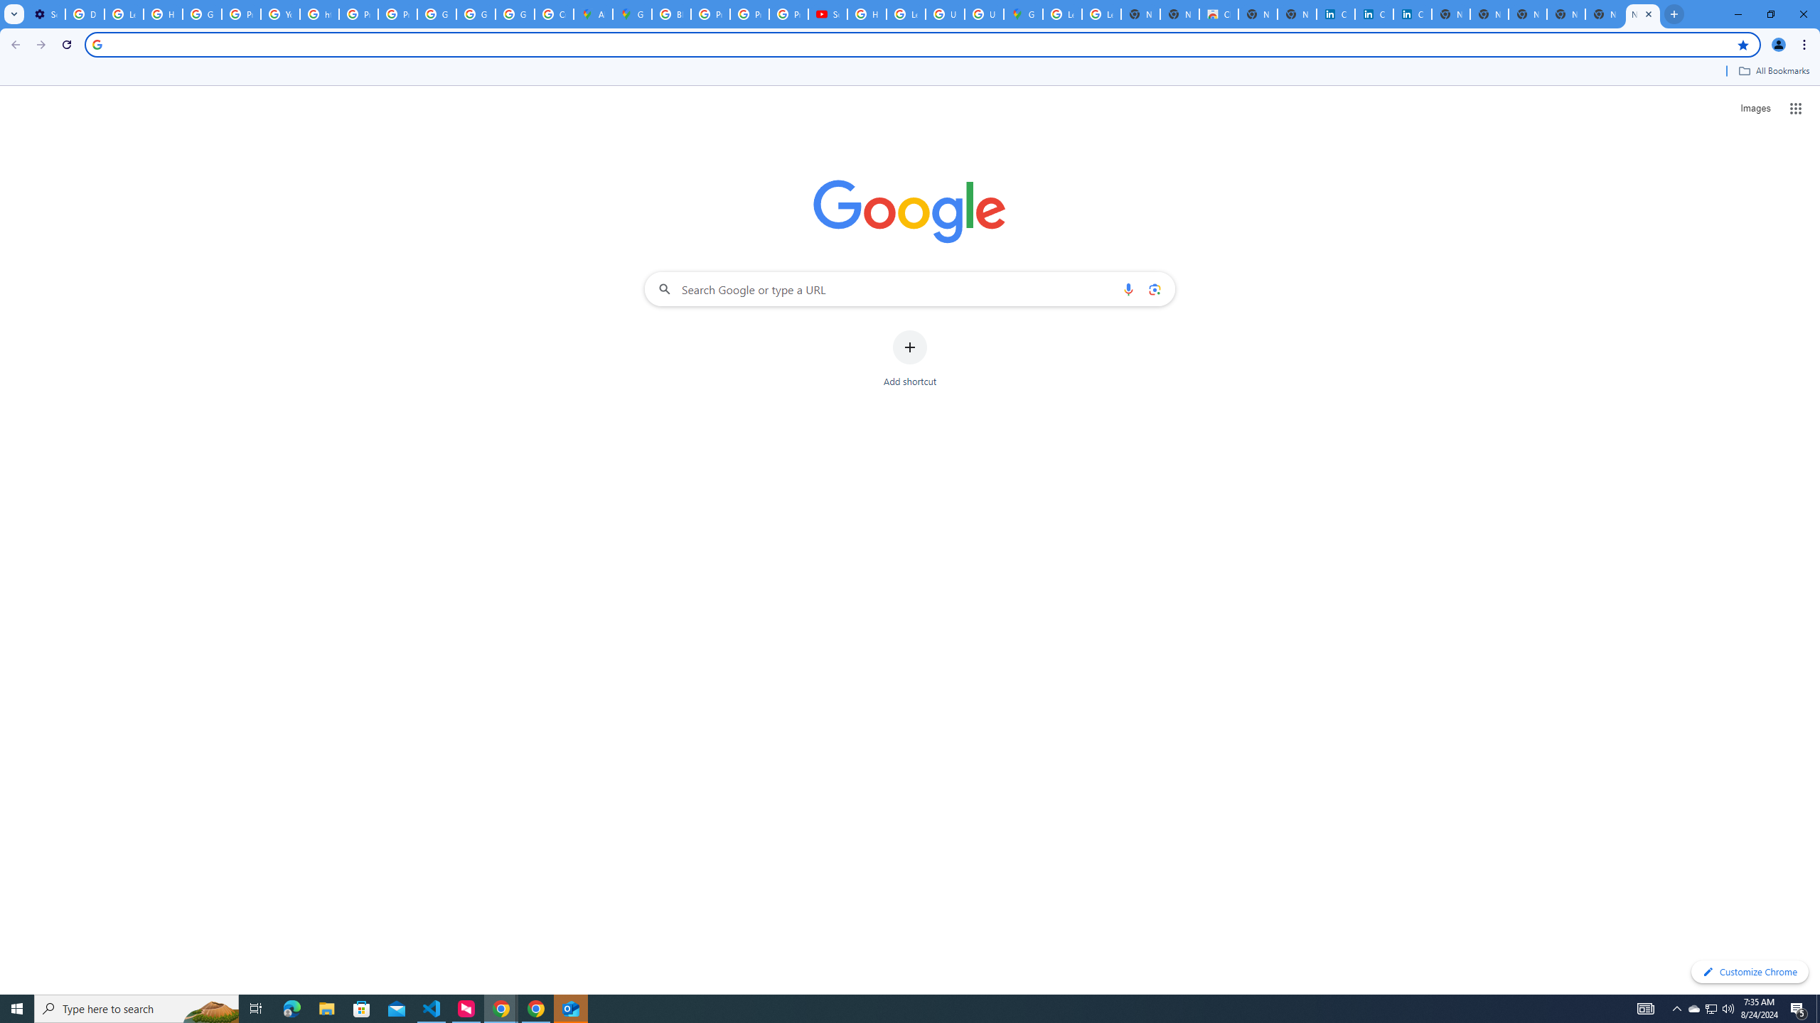 The width and height of the screenshot is (1820, 1023). What do you see at coordinates (1750, 971) in the screenshot?
I see `'Customize Chrome'` at bounding box center [1750, 971].